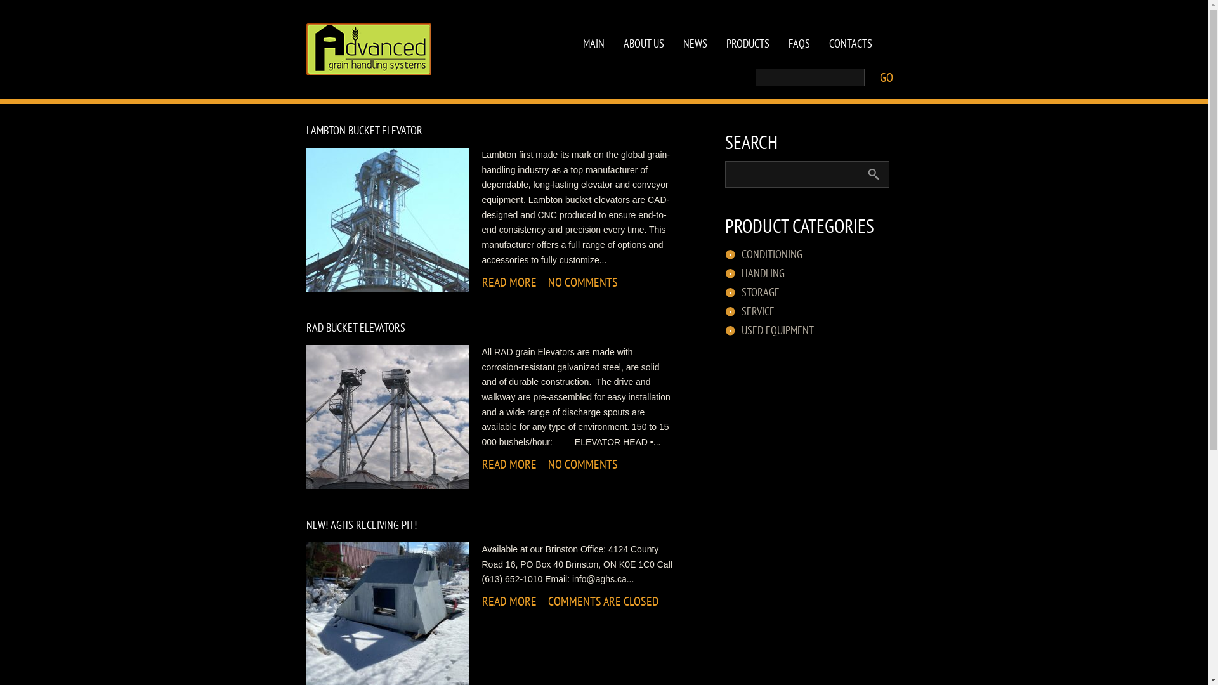  Describe the element at coordinates (761, 273) in the screenshot. I see `'HANDLING'` at that location.